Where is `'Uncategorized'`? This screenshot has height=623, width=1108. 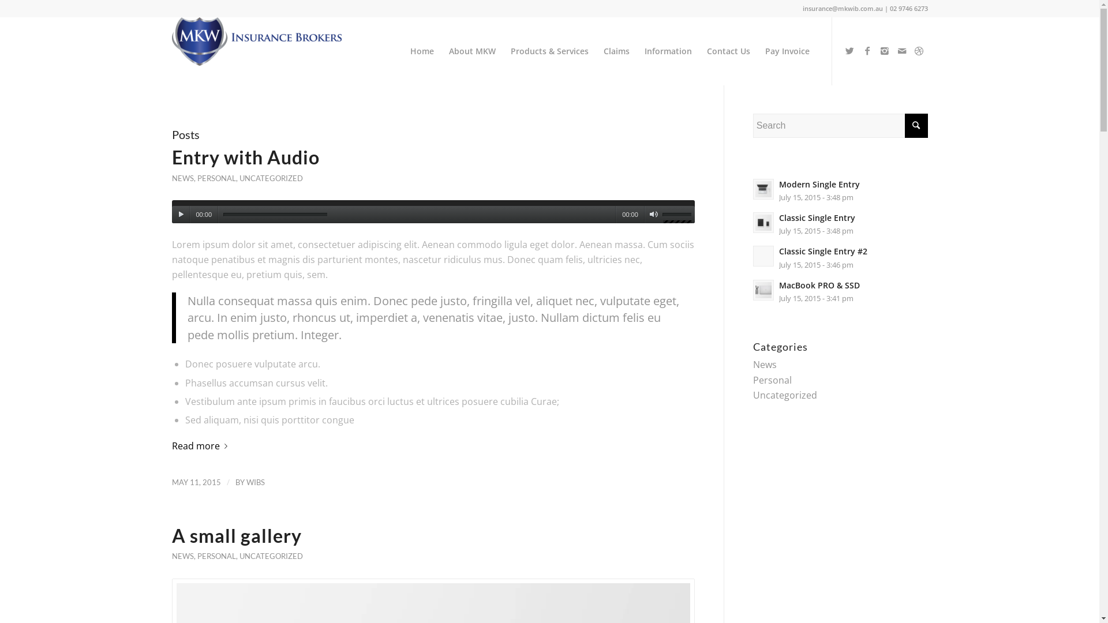
'Uncategorized' is located at coordinates (753, 395).